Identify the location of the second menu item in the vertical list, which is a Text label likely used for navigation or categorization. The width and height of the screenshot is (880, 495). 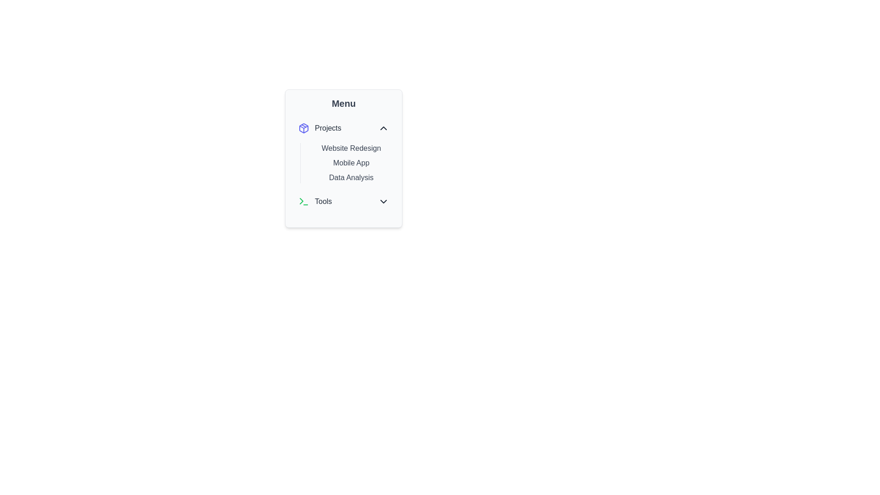
(351, 162).